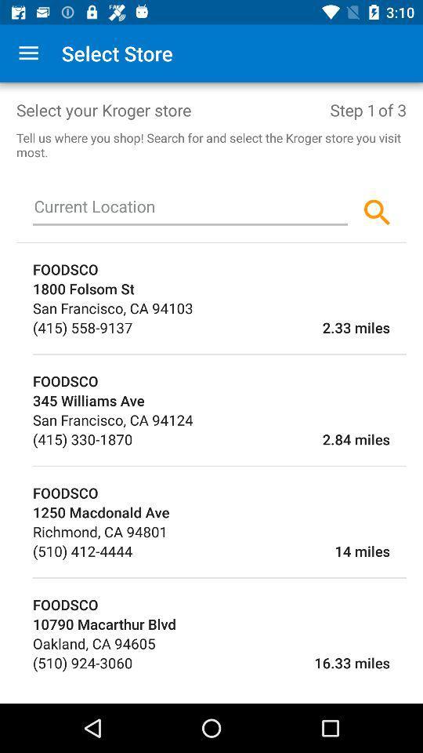 This screenshot has height=753, width=423. What do you see at coordinates (219, 624) in the screenshot?
I see `the item above oakland, ca 94605 item` at bounding box center [219, 624].